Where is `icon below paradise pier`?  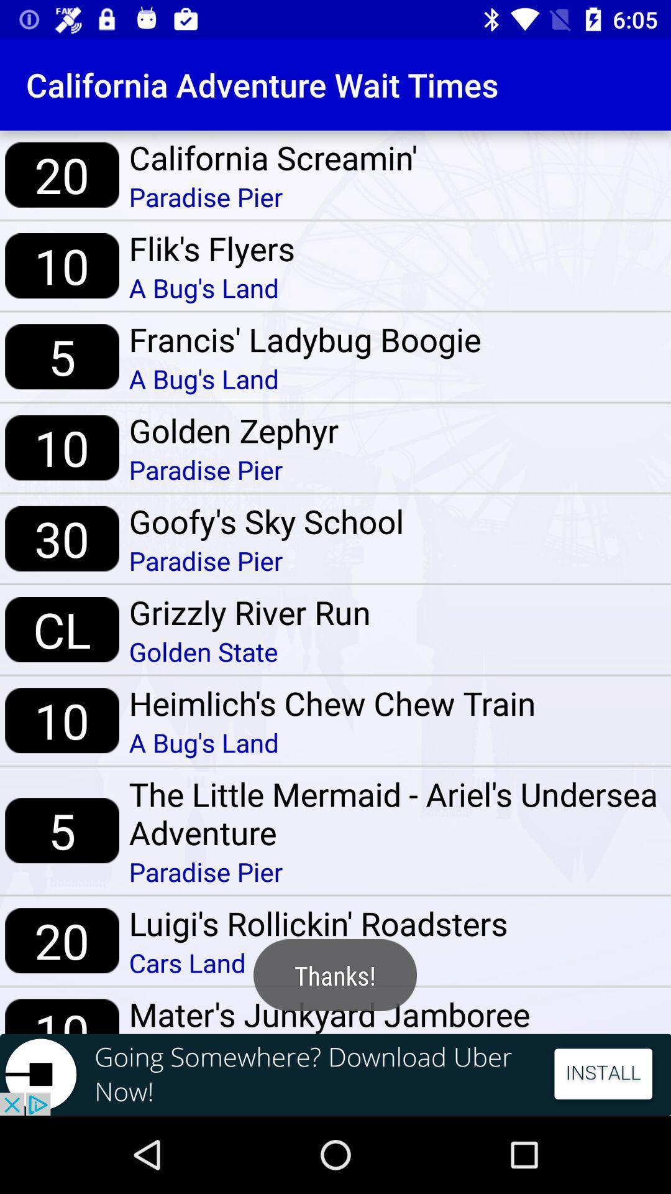
icon below paradise pier is located at coordinates (250, 612).